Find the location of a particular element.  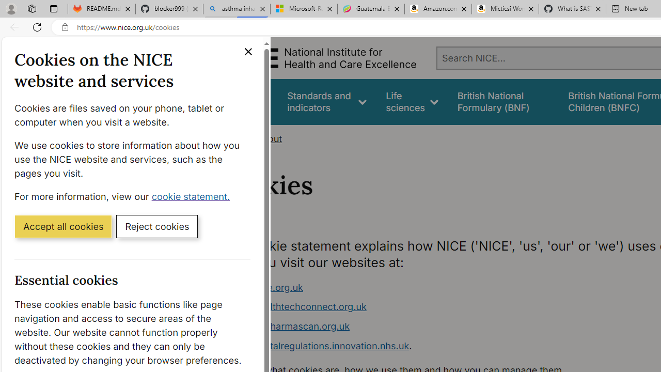

'Refresh' is located at coordinates (37, 26).